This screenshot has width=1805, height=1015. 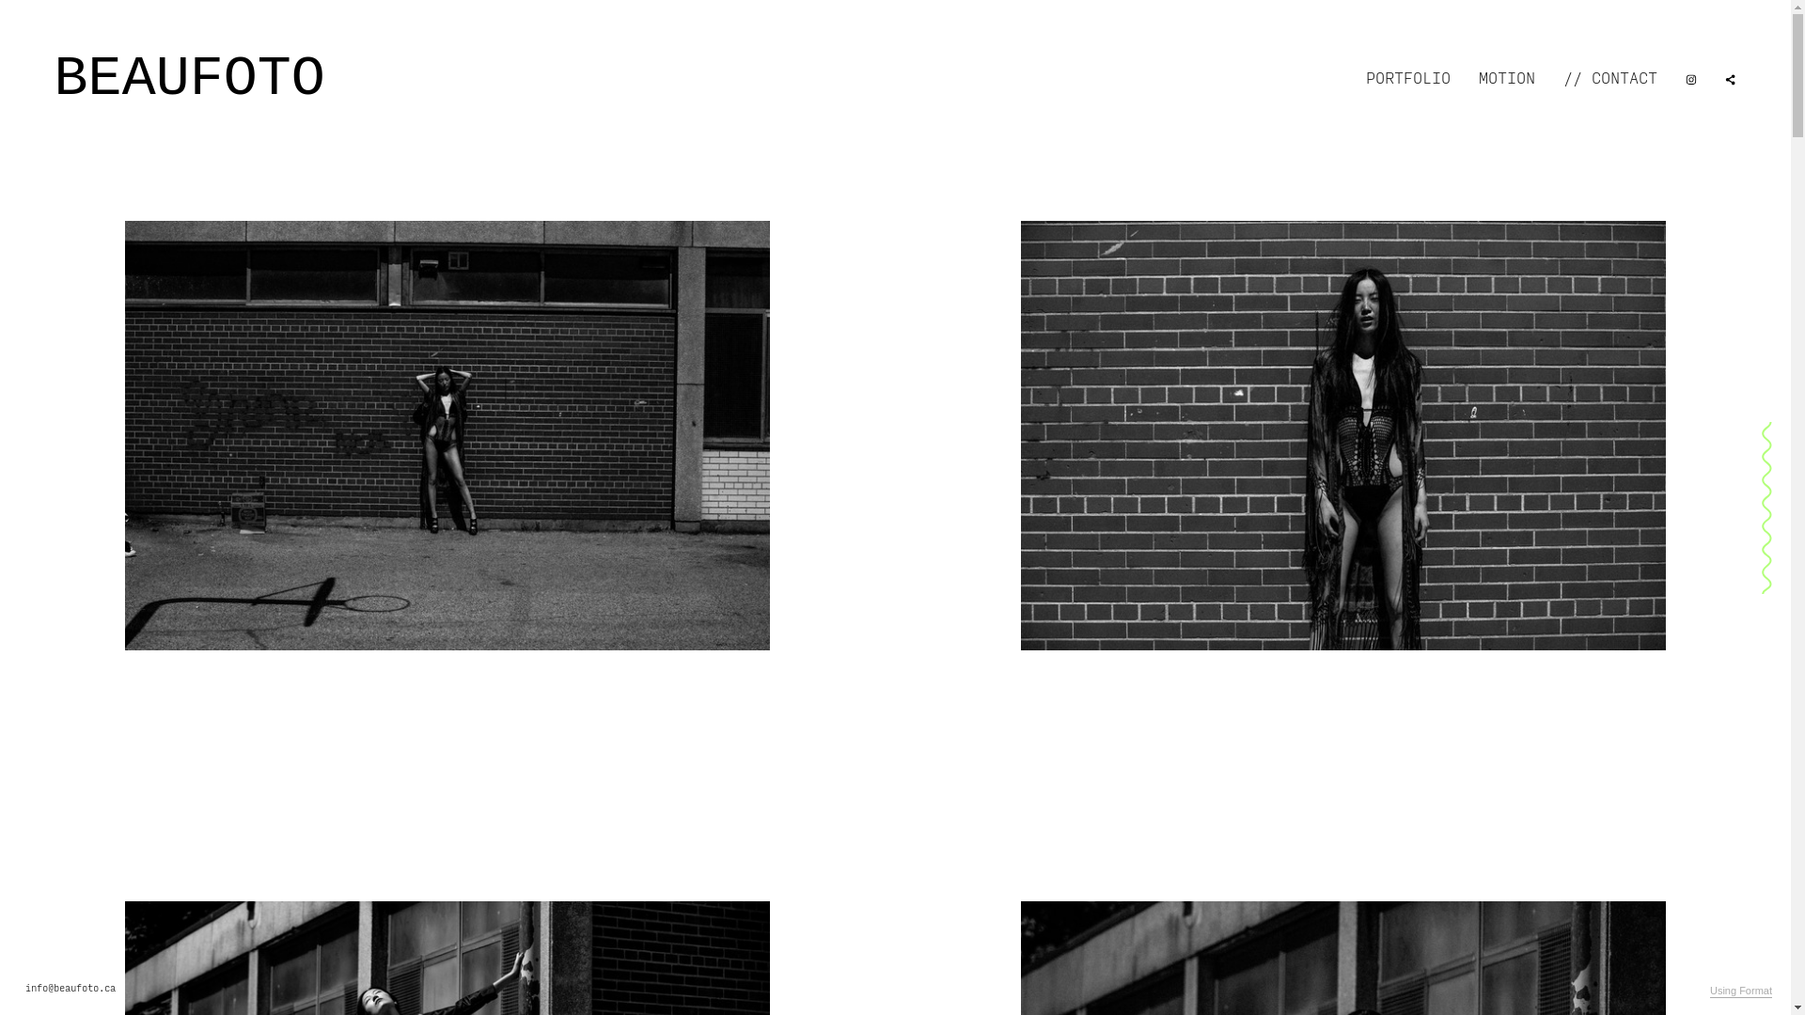 I want to click on '// CONTACT', so click(x=1609, y=78).